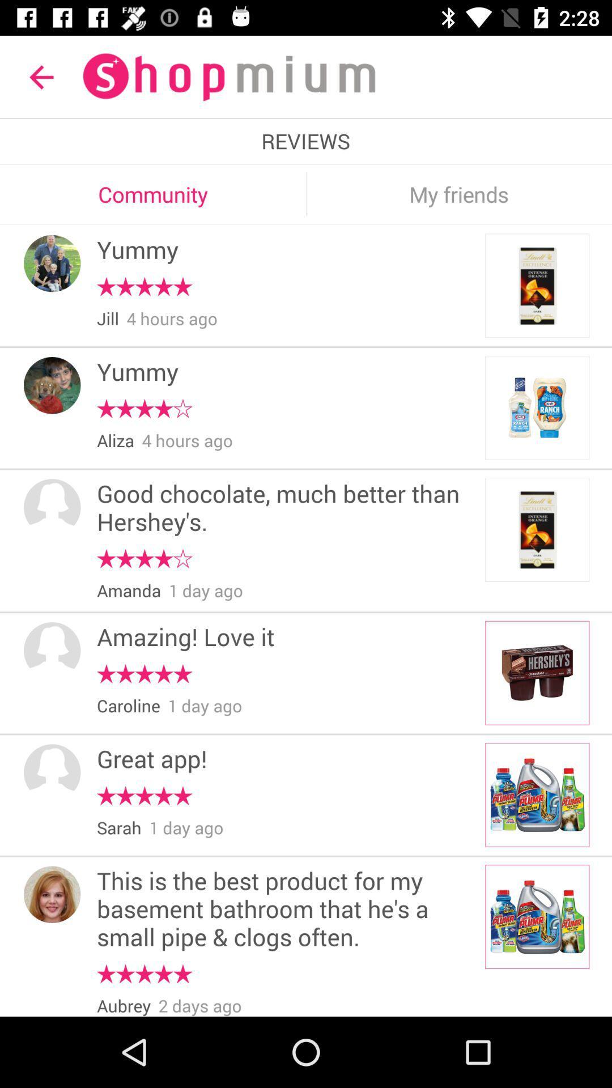 The width and height of the screenshot is (612, 1088). Describe the element at coordinates (124, 1005) in the screenshot. I see `the aubrey item` at that location.